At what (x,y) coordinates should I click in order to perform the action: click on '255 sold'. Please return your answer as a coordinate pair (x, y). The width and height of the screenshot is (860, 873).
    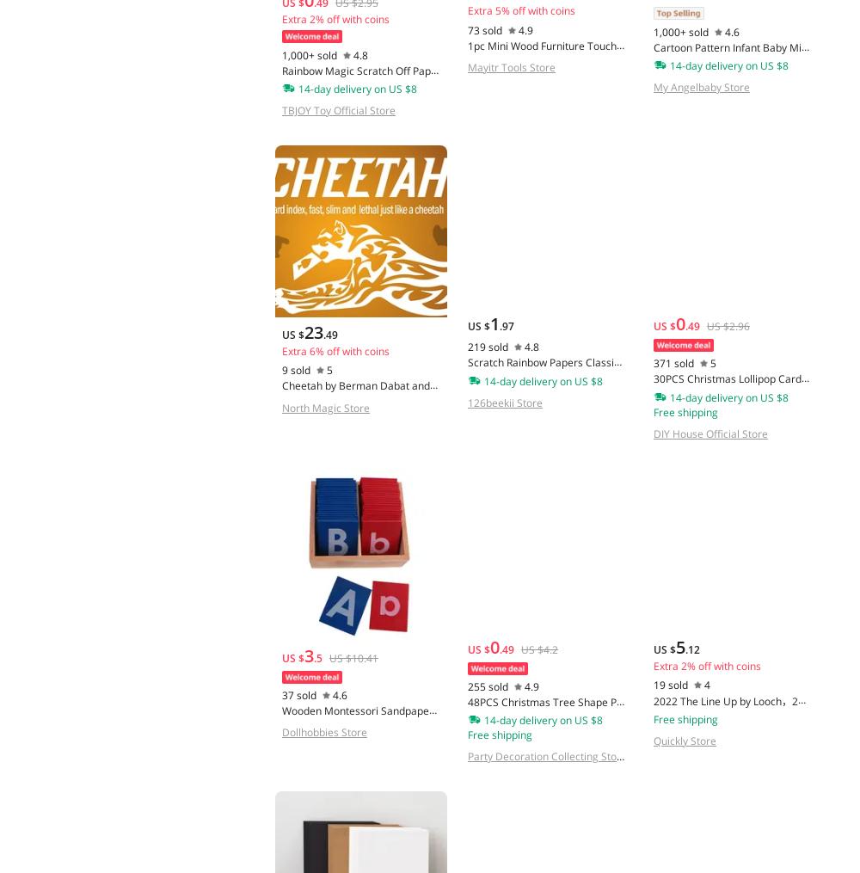
    Looking at the image, I should click on (486, 685).